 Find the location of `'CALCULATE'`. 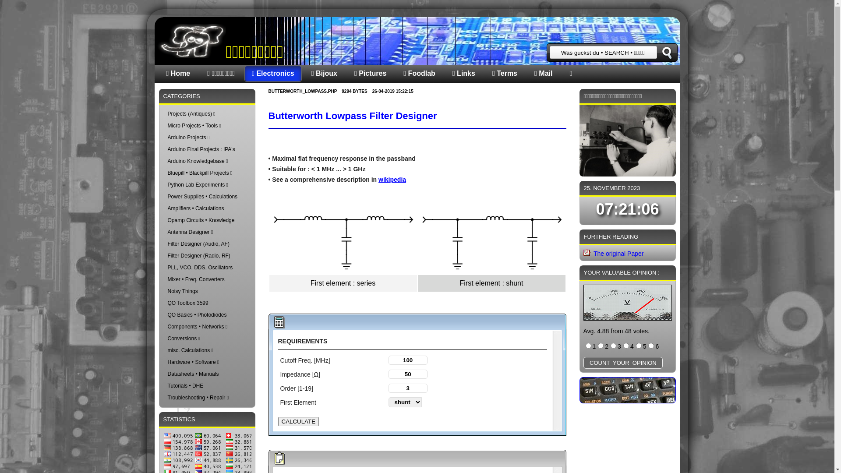

'CALCULATE' is located at coordinates (298, 421).